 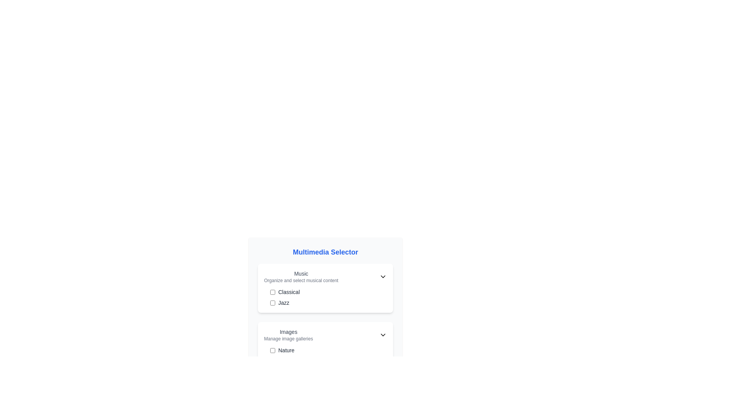 What do you see at coordinates (288, 338) in the screenshot?
I see `the static text label displaying 'Manage image galleries', which is styled in small gray font and located below the 'Images' label` at bounding box center [288, 338].